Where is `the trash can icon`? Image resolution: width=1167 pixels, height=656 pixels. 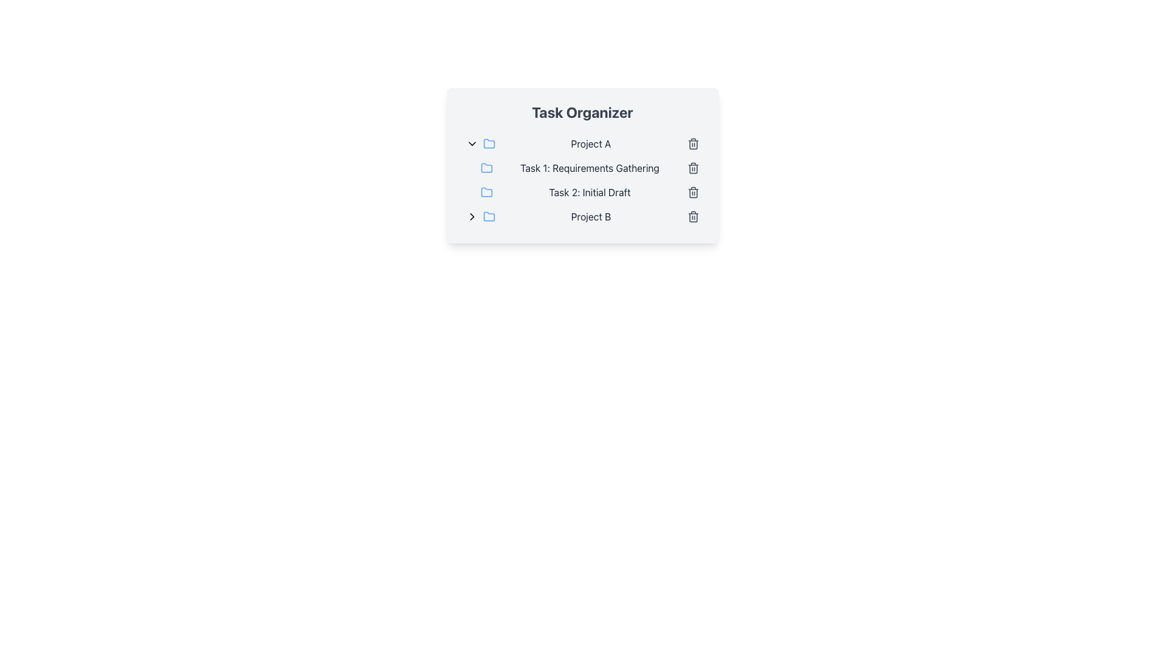 the trash can icon is located at coordinates (693, 144).